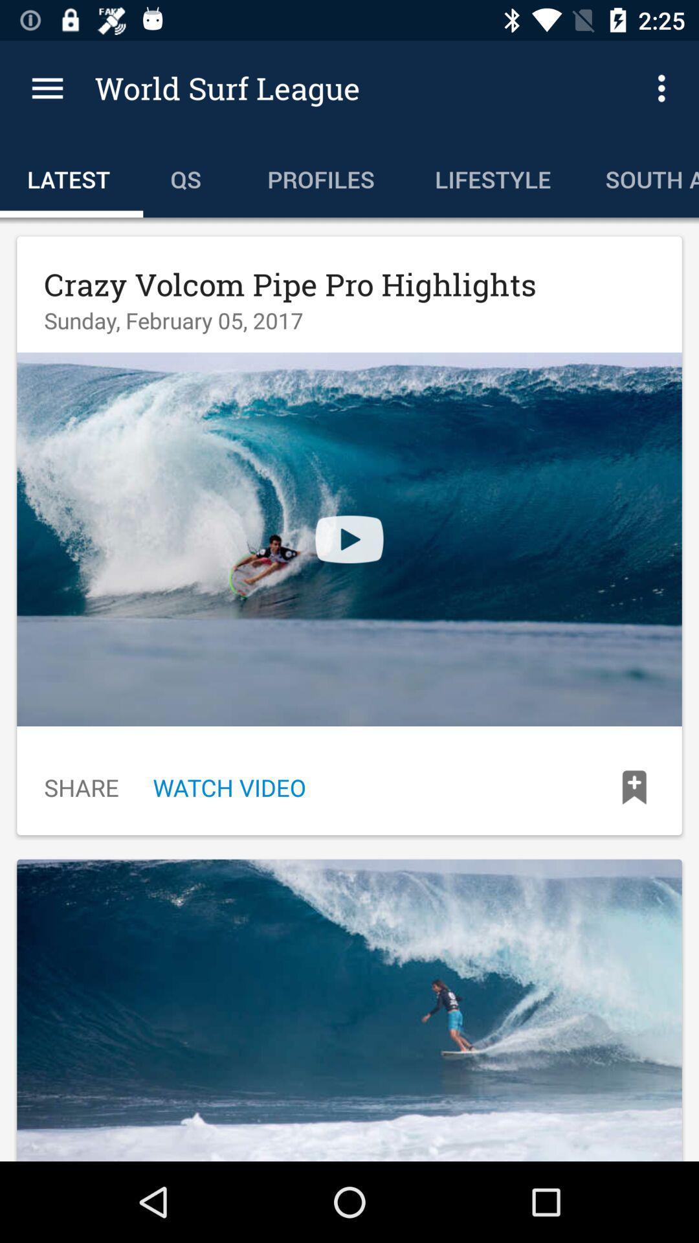 The width and height of the screenshot is (699, 1243). Describe the element at coordinates (323, 176) in the screenshot. I see `the profiles  icon` at that location.